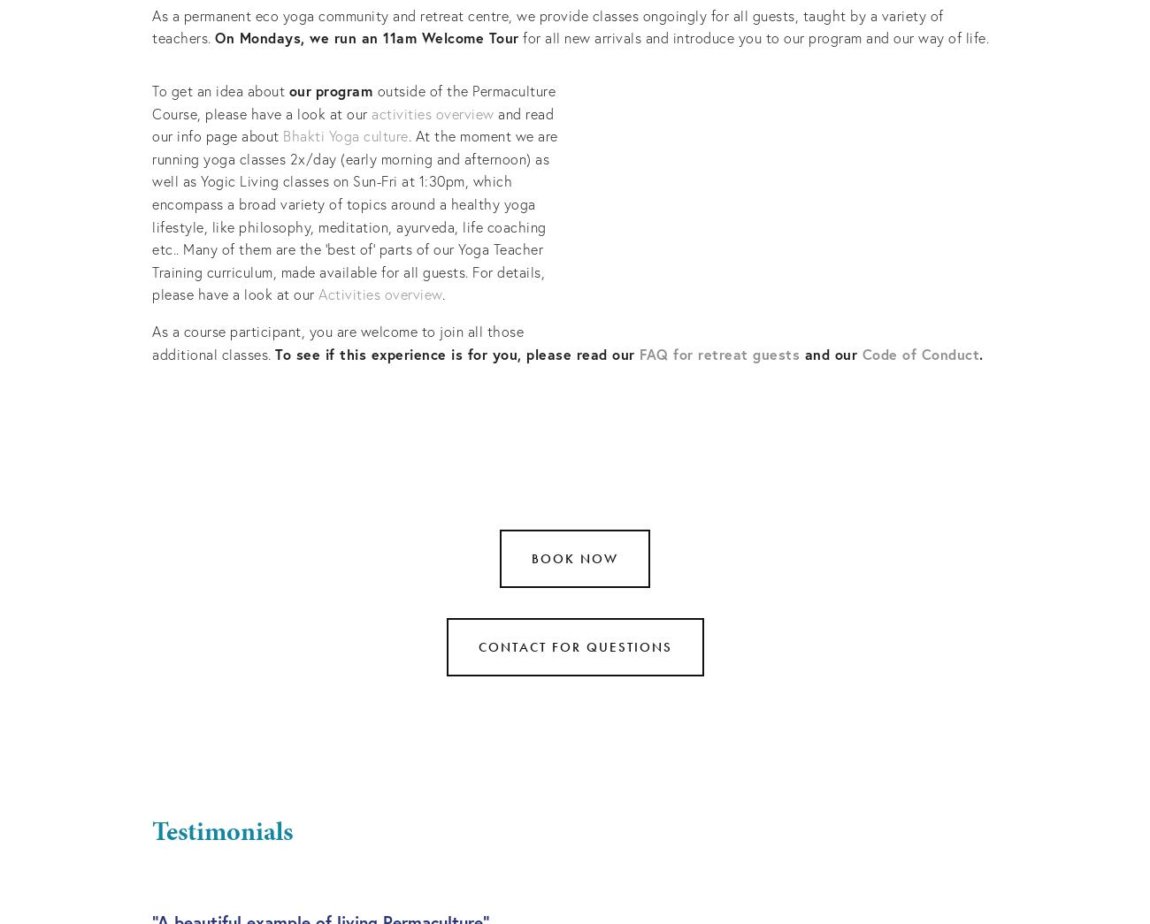  What do you see at coordinates (355, 101) in the screenshot?
I see `'outside of the Permaculture Course, please have a look at our'` at bounding box center [355, 101].